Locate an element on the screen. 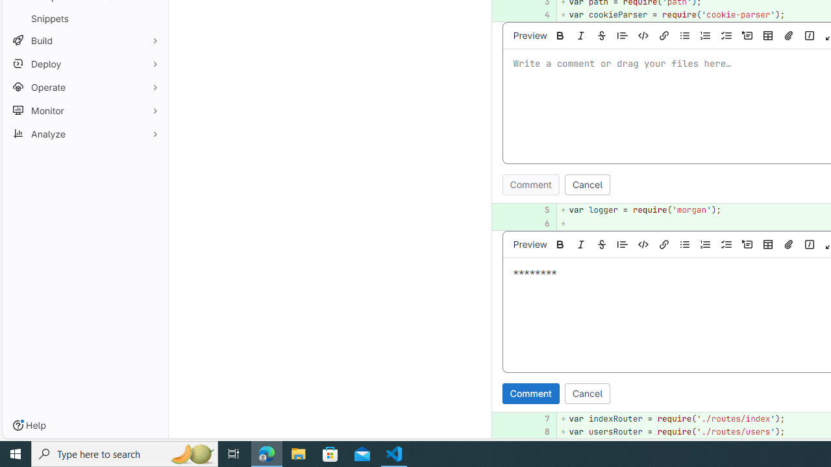 This screenshot has height=467, width=831. 'Deploy' is located at coordinates (84, 64).